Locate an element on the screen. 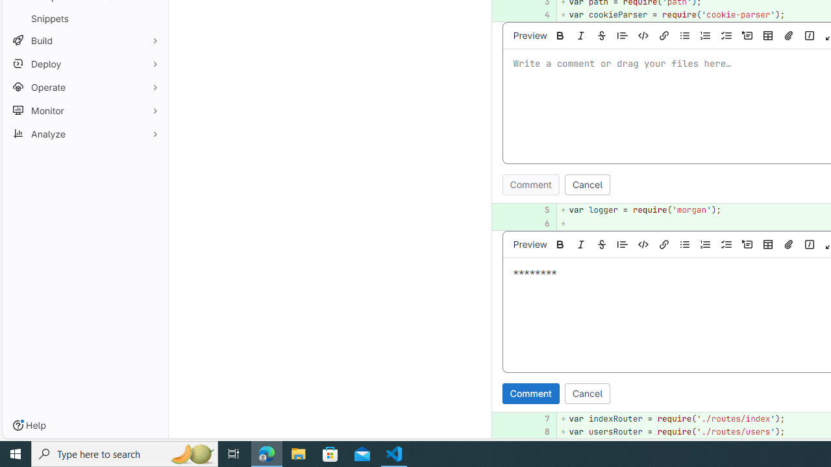 This screenshot has height=467, width=831. 'Deploy' is located at coordinates (84, 64).